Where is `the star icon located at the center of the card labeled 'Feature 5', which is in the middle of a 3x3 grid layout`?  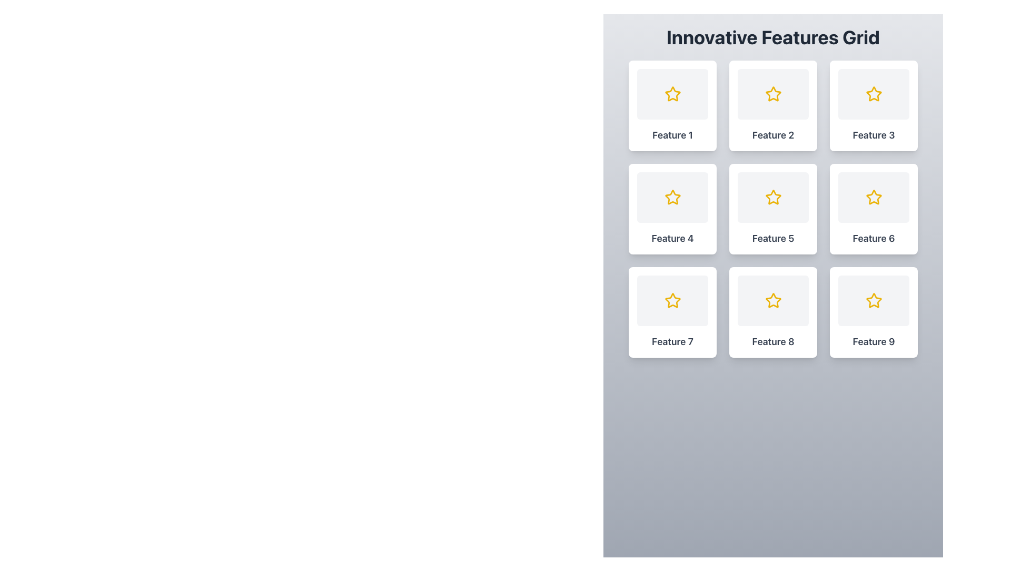 the star icon located at the center of the card labeled 'Feature 5', which is in the middle of a 3x3 grid layout is located at coordinates (773, 197).